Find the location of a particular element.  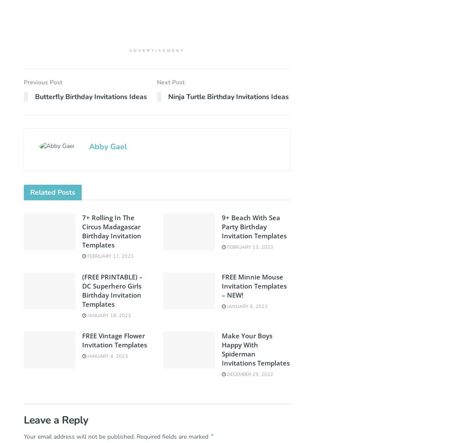

'Related' is located at coordinates (30, 193).